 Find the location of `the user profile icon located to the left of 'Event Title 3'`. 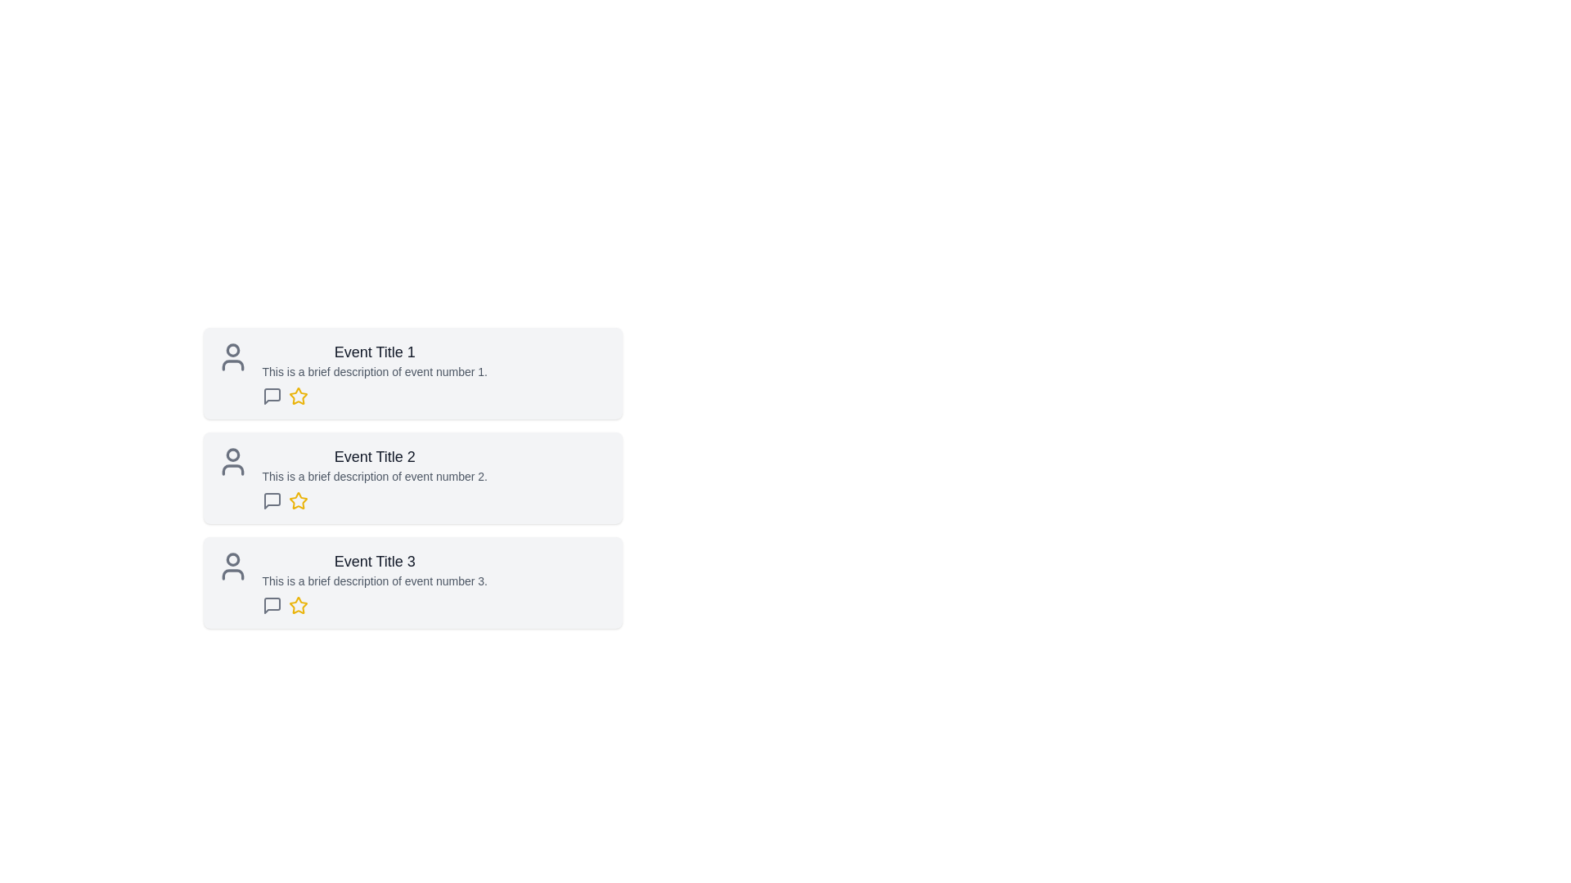

the user profile icon located to the left of 'Event Title 3' is located at coordinates (232, 566).